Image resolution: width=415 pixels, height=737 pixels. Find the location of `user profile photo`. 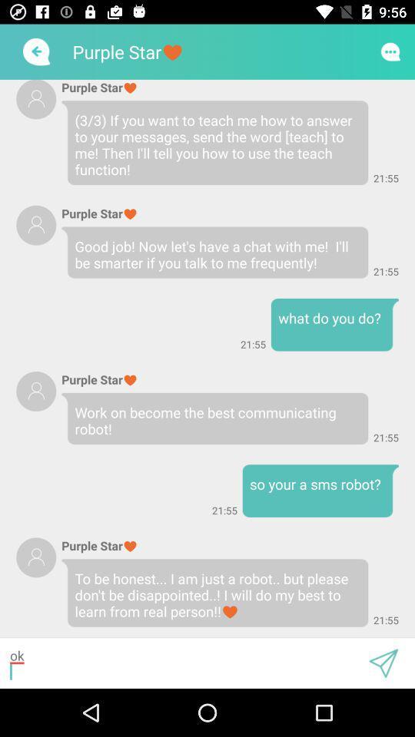

user profile photo is located at coordinates (36, 557).